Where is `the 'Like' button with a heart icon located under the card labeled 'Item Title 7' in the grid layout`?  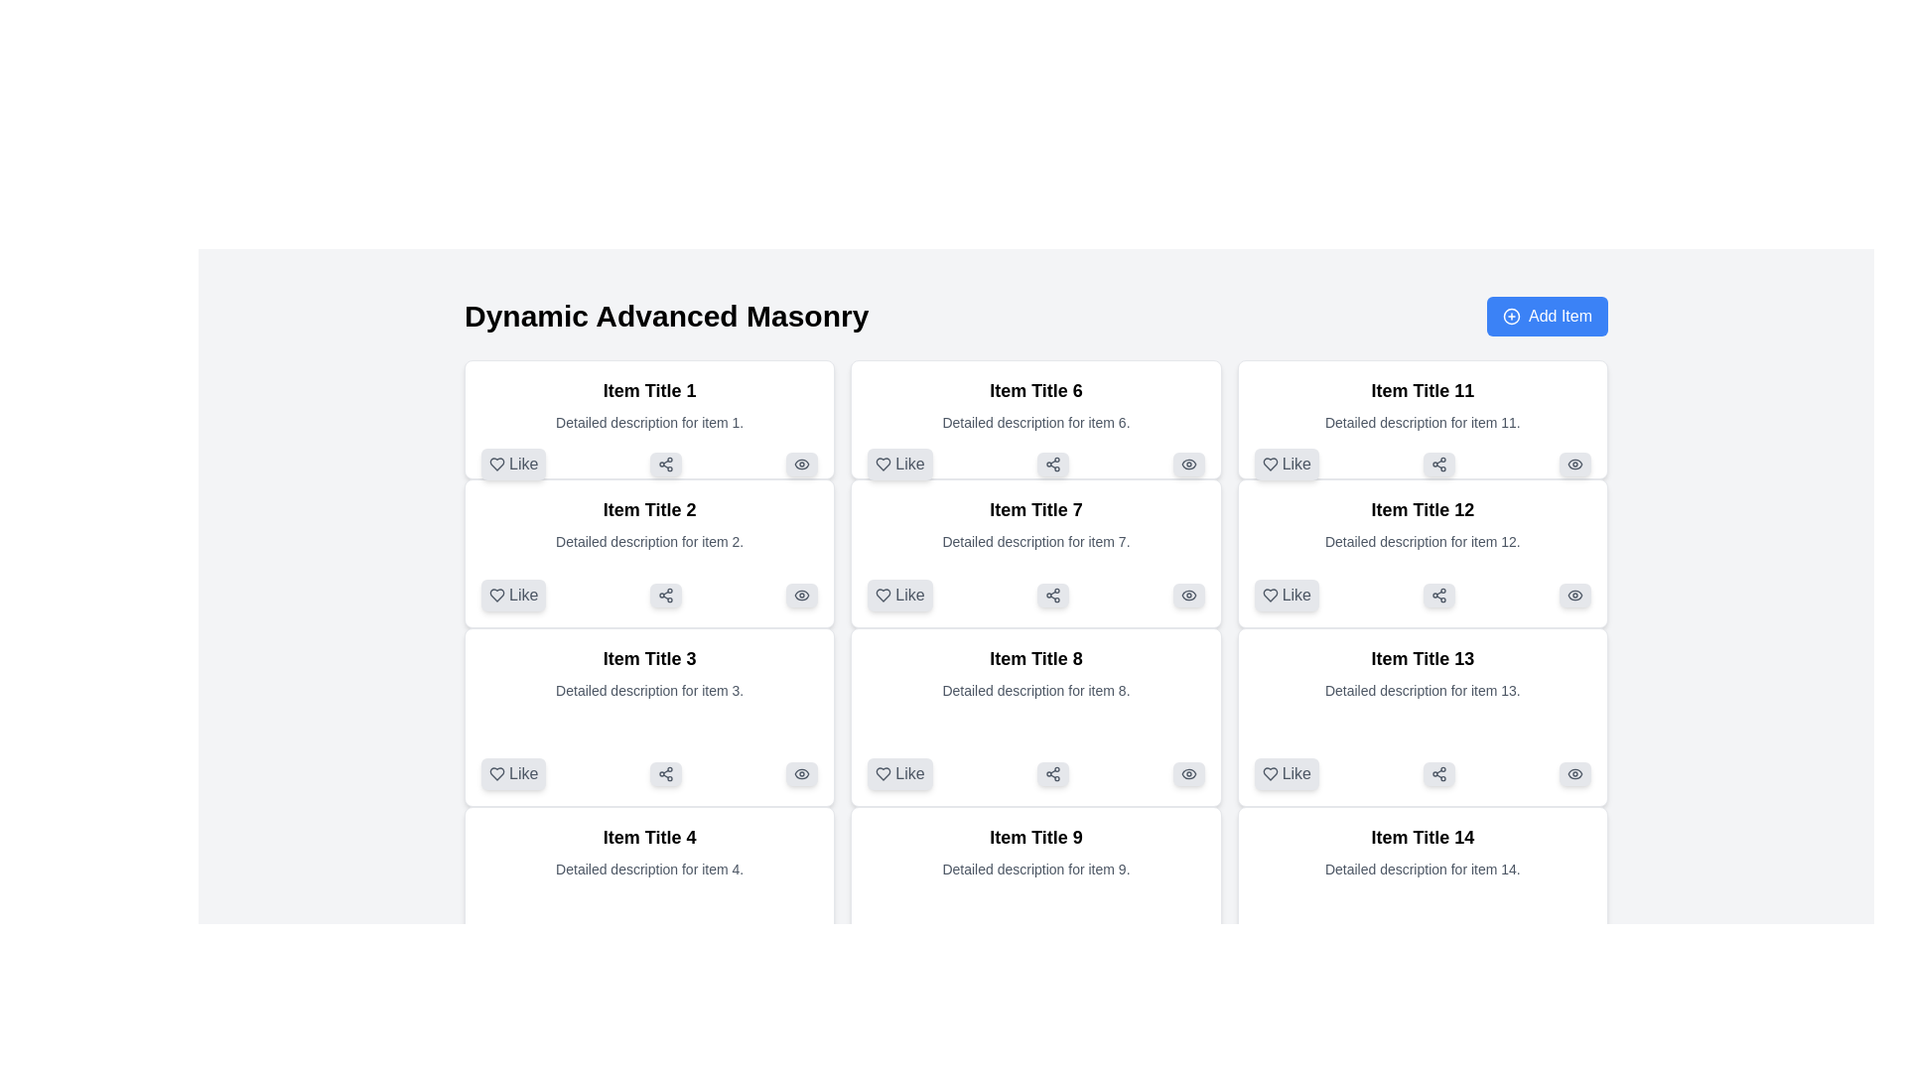
the 'Like' button with a heart icon located under the card labeled 'Item Title 7' in the grid layout is located at coordinates (899, 595).